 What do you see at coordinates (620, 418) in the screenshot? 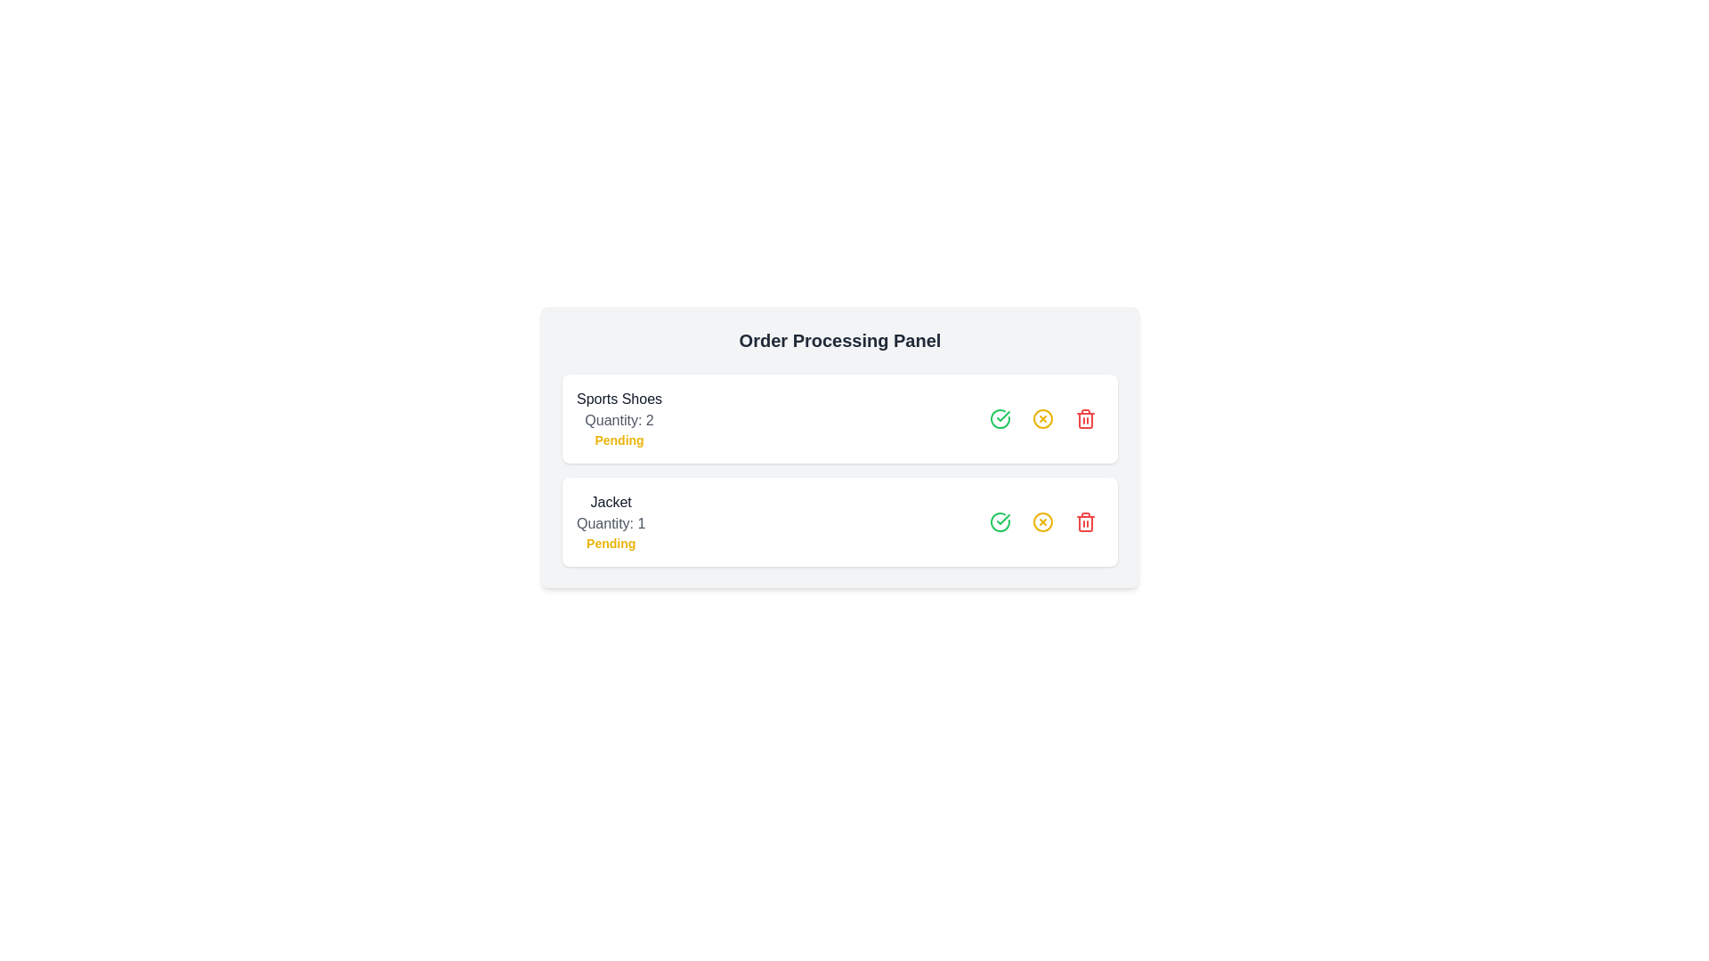
I see `the Text display component that shows 'Sports Shoes', 'Quantity: 2', and 'Pending', which is positioned in the first row of the order processing panel` at bounding box center [620, 418].